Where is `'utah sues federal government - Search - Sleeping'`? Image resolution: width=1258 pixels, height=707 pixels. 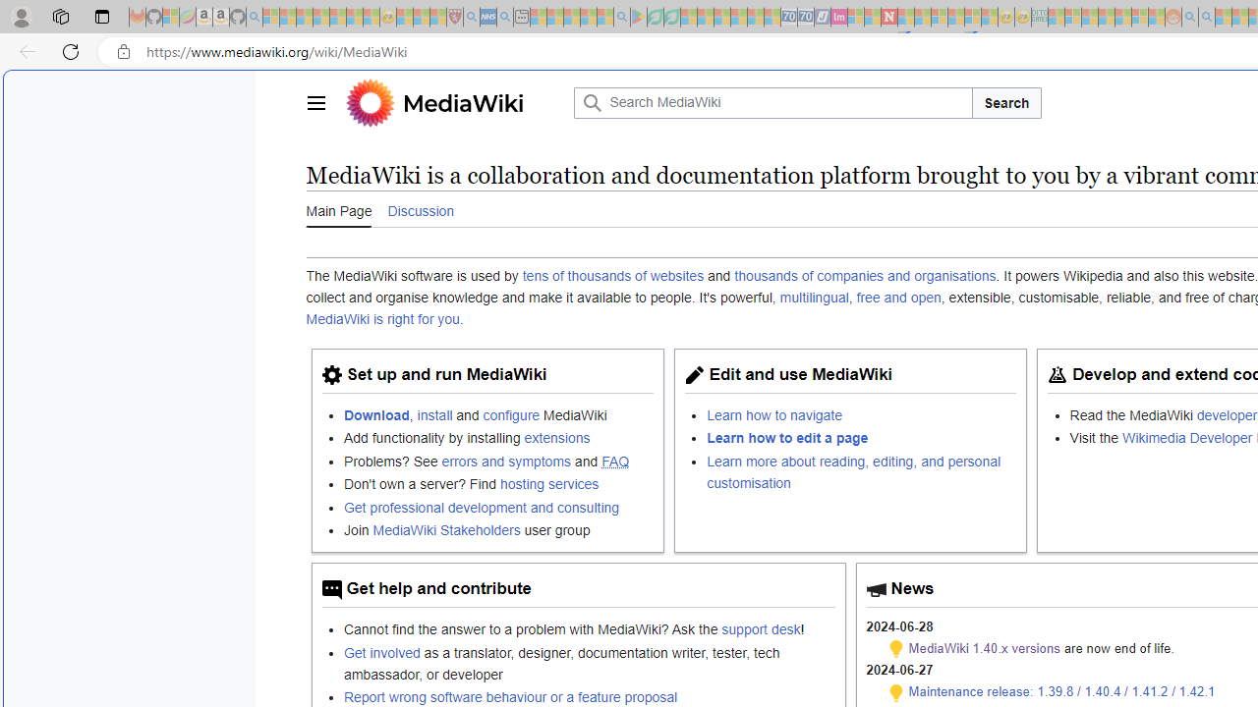
'utah sues federal government - Search - Sleeping' is located at coordinates (504, 17).